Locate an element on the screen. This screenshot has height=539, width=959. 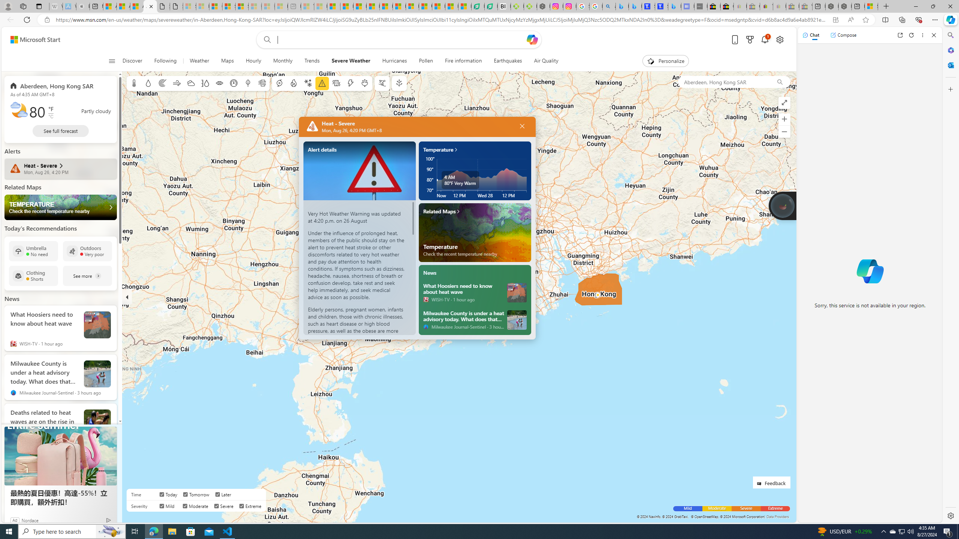
'Join us in planting real trees to help our planet!' is located at coordinates (783, 205).